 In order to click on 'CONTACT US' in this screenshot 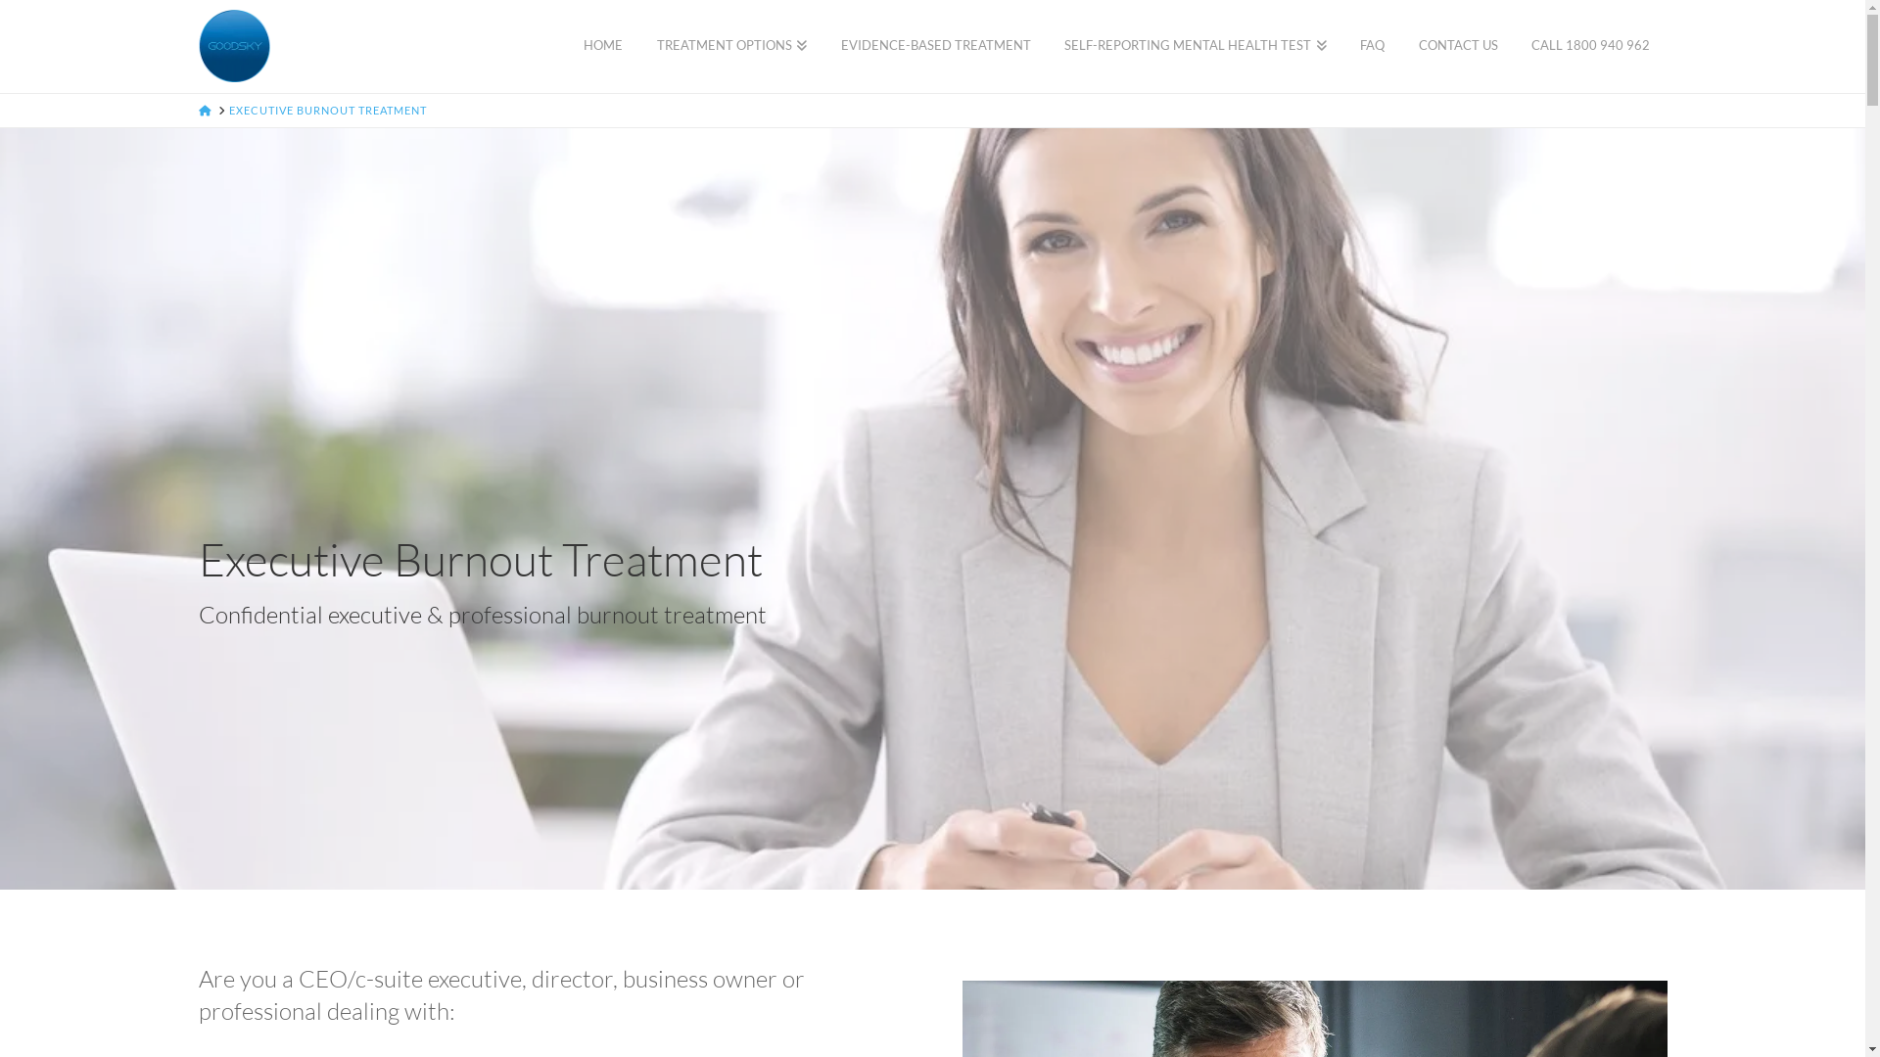, I will do `click(1458, 45)`.